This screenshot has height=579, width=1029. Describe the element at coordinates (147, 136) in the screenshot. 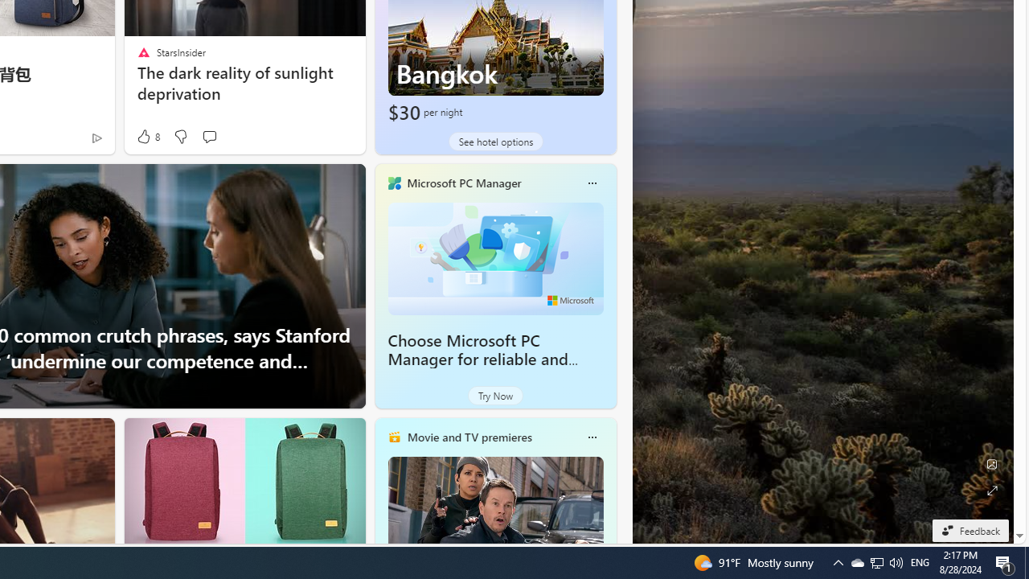

I see `'8 Like'` at that location.